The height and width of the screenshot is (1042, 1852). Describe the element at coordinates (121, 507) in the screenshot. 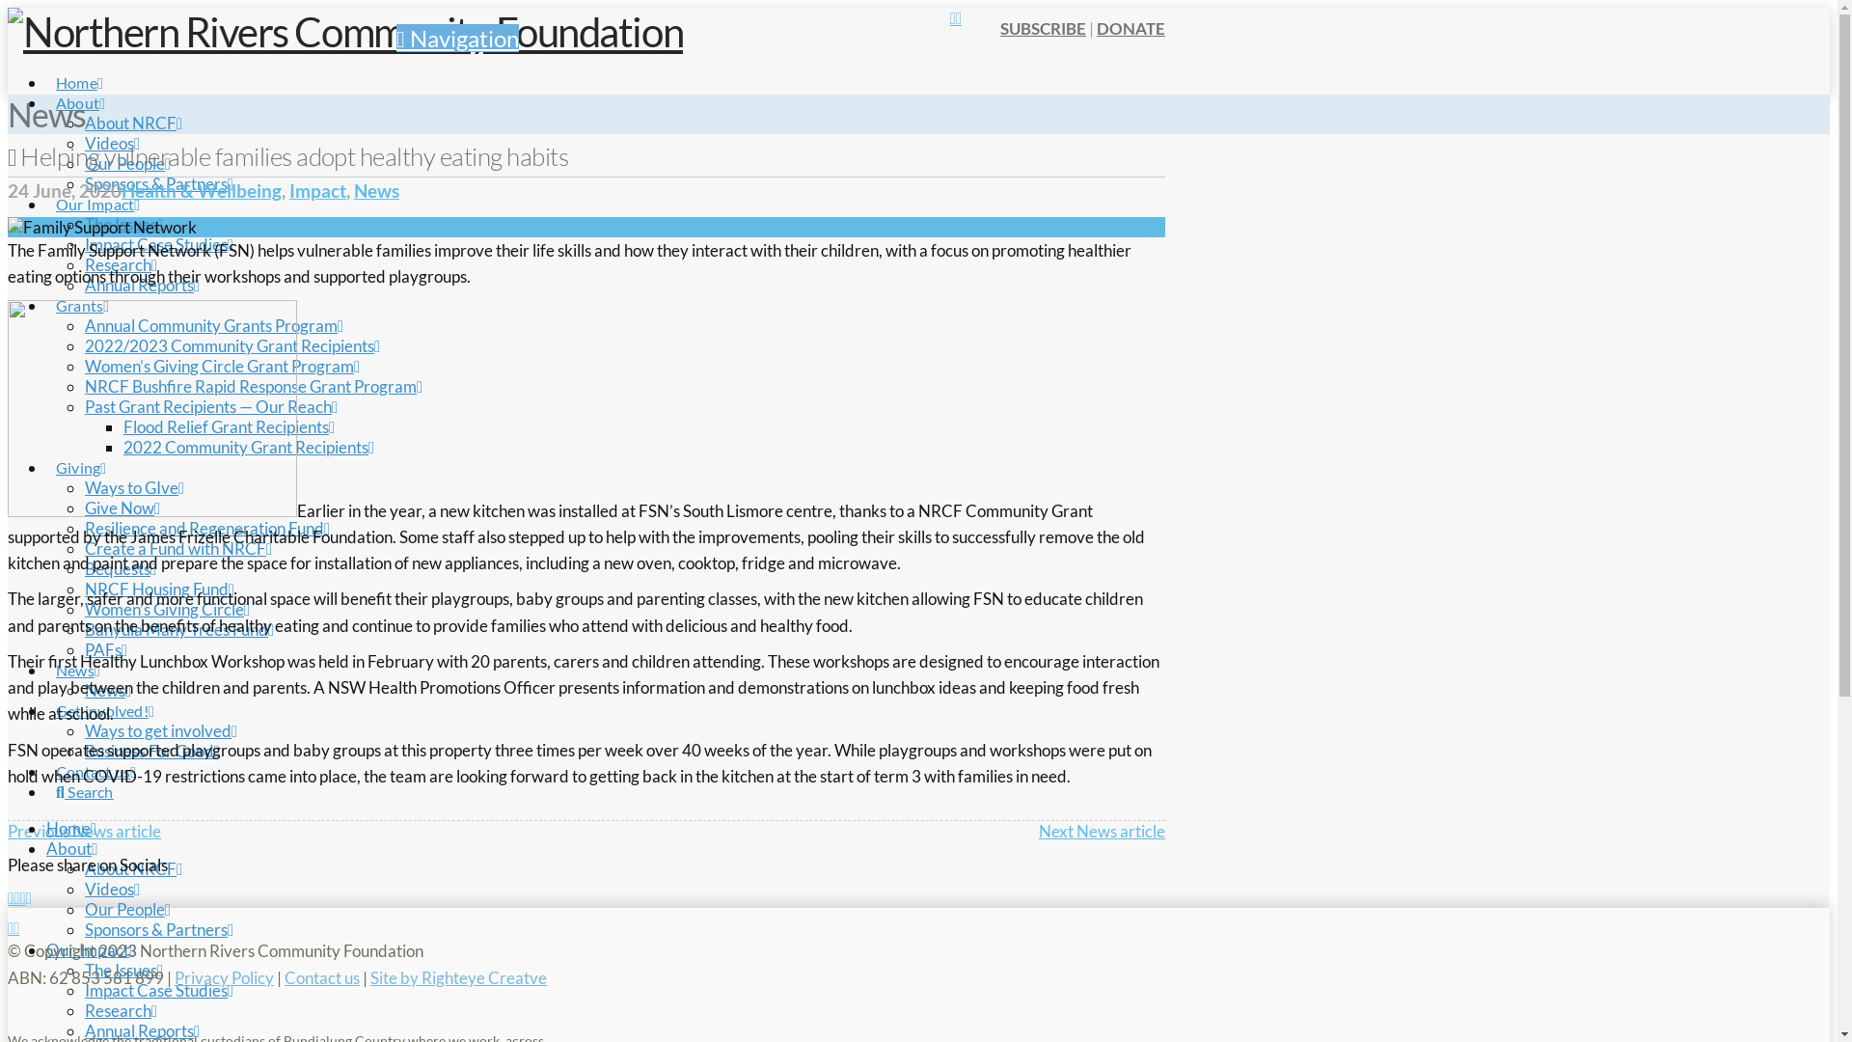

I see `'Give Now'` at that location.